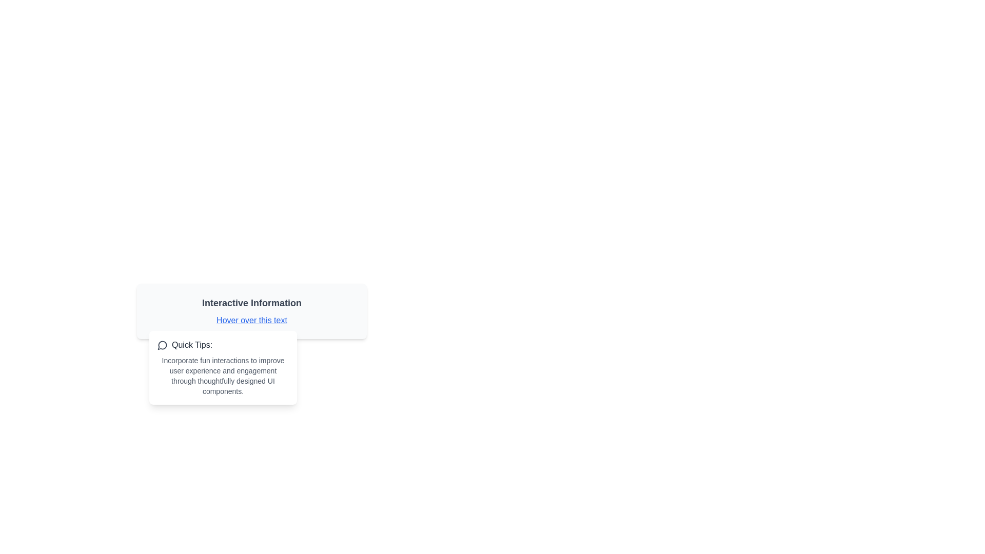 Image resolution: width=985 pixels, height=554 pixels. What do you see at coordinates (162, 345) in the screenshot?
I see `the small circular chat bubble icon with a gray stroke outline, positioned to the left of the 'Quick Tips:' label` at bounding box center [162, 345].